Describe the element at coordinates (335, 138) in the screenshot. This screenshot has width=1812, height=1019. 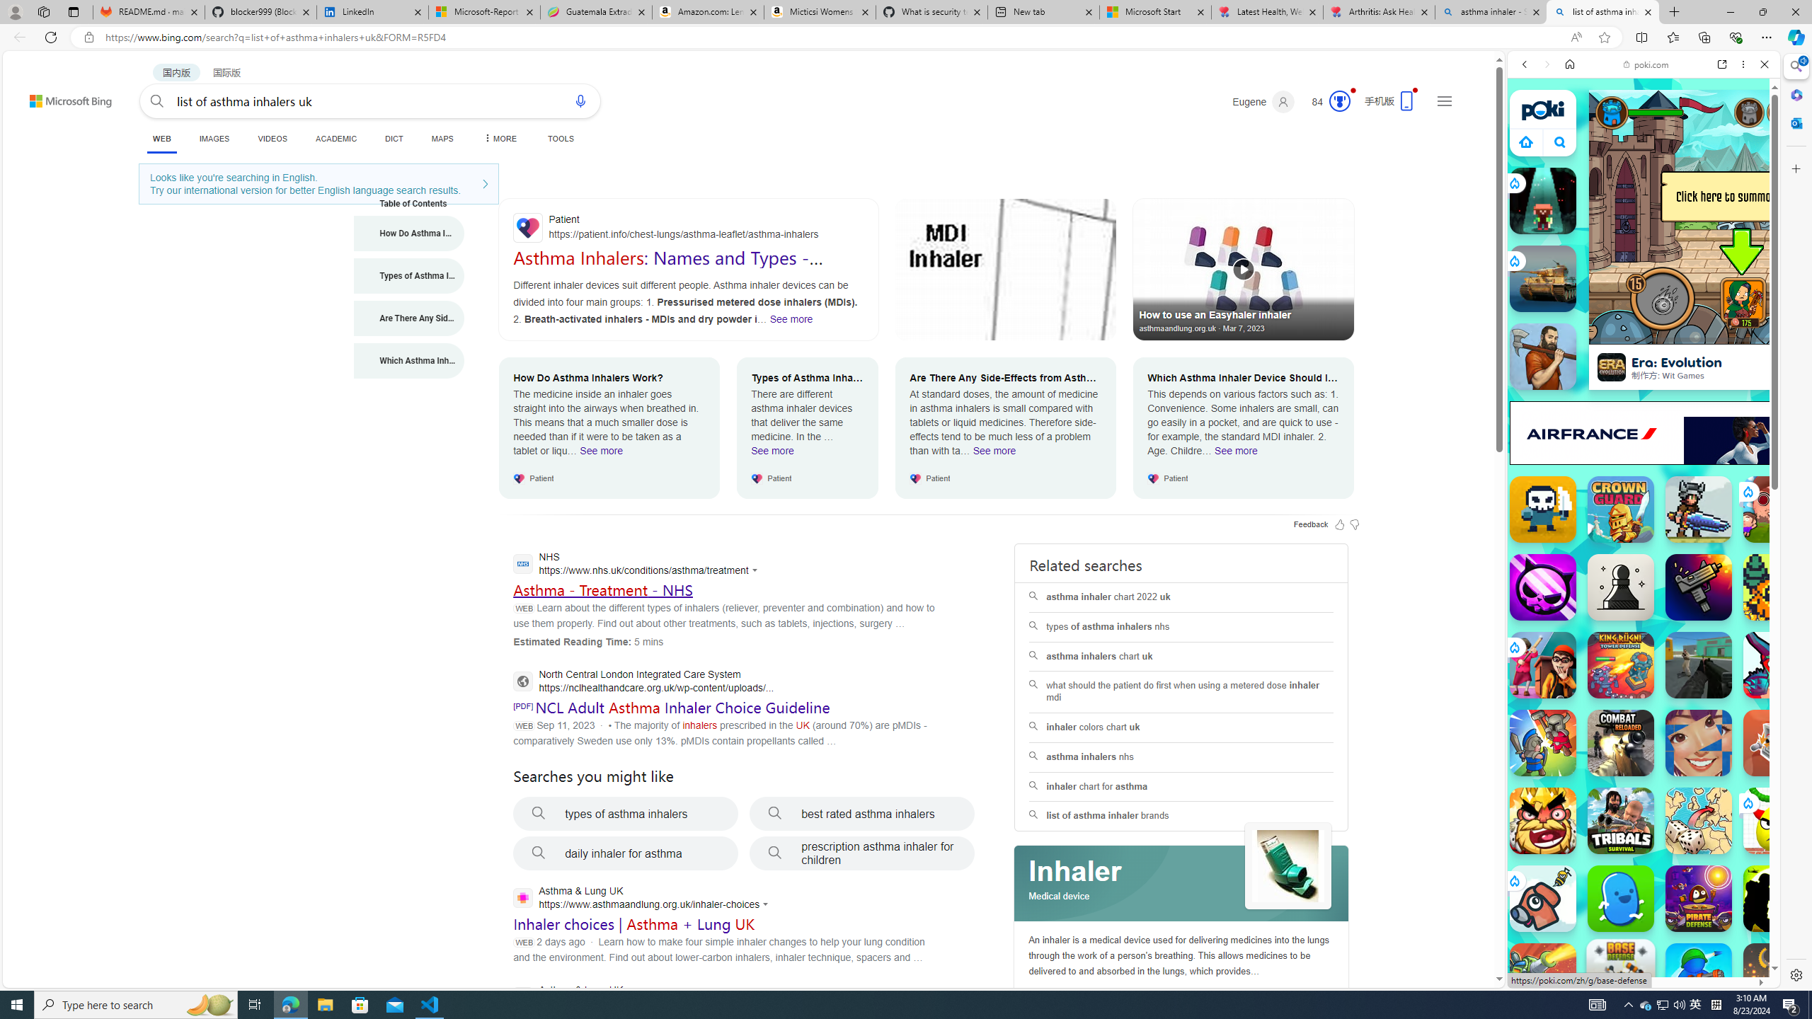
I see `'ACADEMIC'` at that location.